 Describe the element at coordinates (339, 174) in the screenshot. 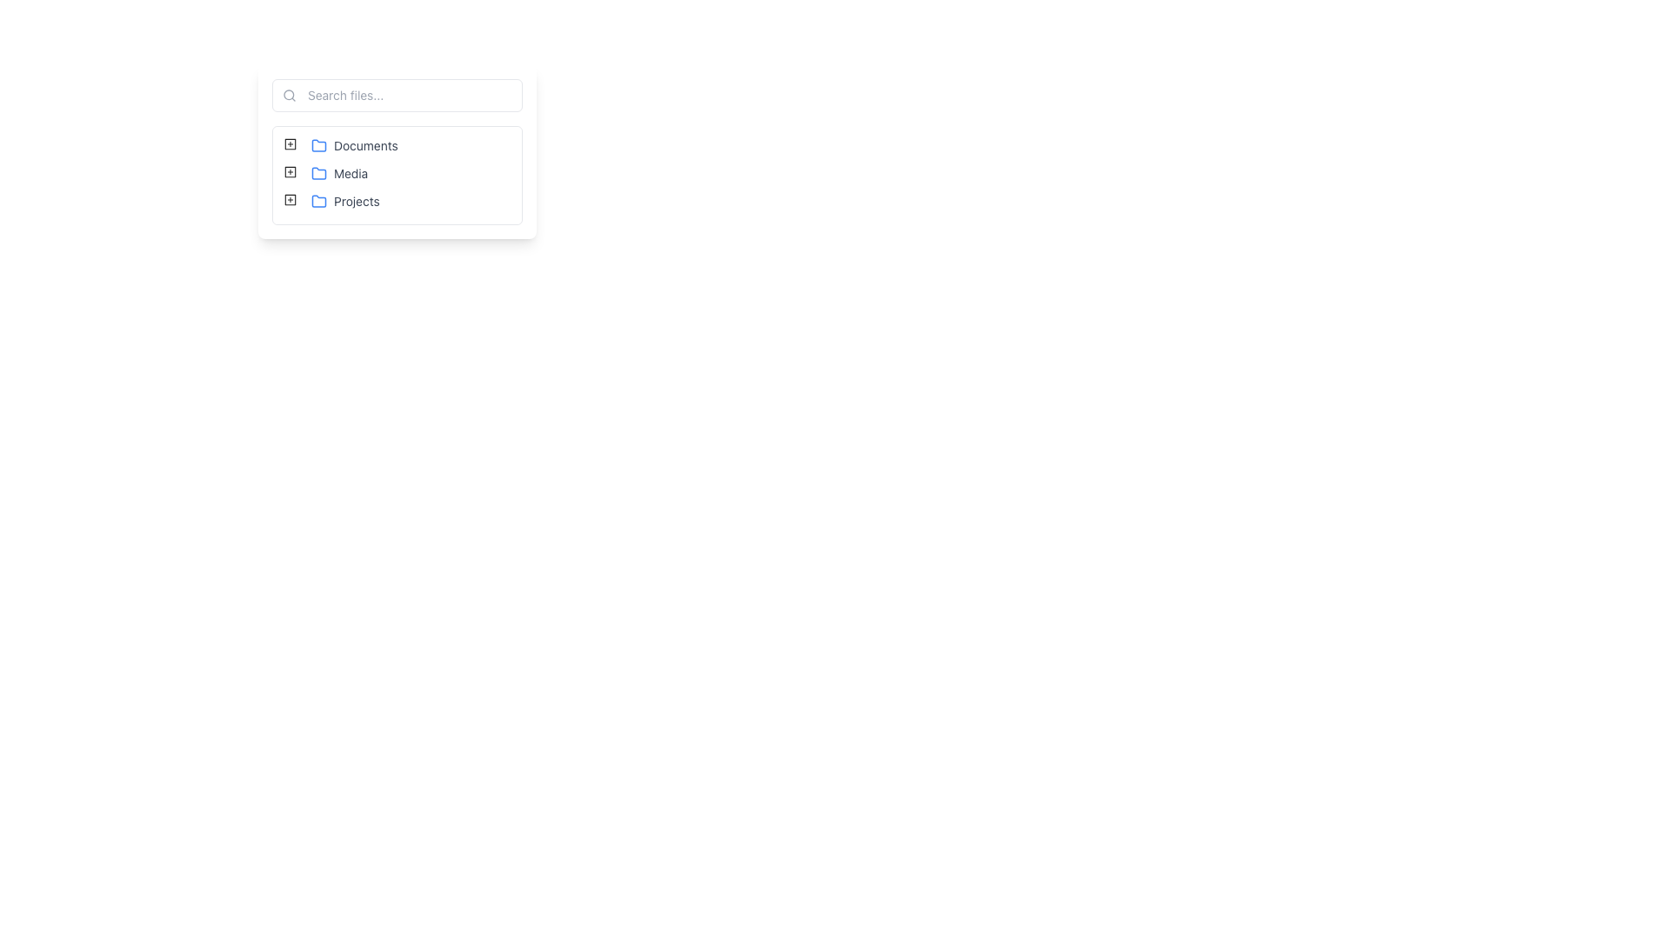

I see `text content of the 'Media' label, which is styled clearly and is part of a hierarchical directory, positioned between 'Documents' and 'Projects'` at that location.